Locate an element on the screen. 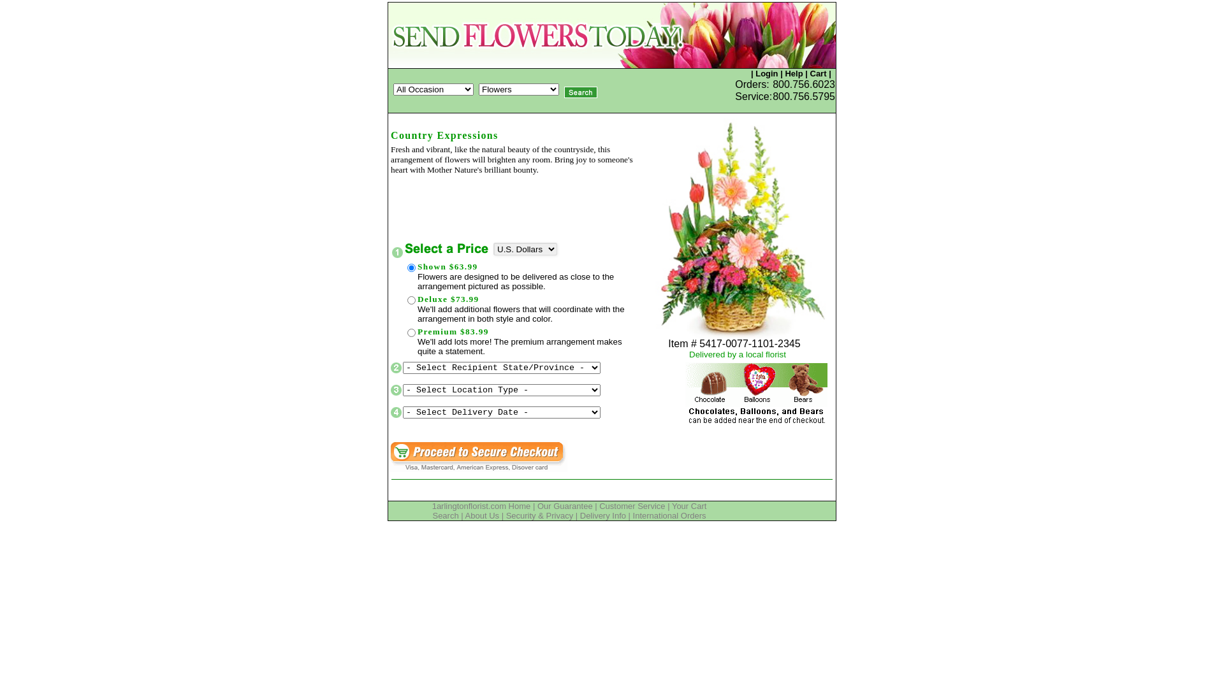 The image size is (1224, 688). 'Cart' is located at coordinates (809, 73).